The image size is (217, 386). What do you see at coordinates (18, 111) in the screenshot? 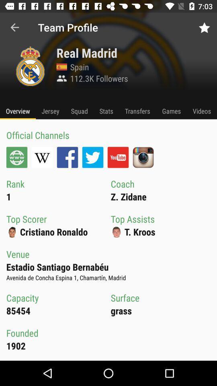
I see `the item above official channels icon` at bounding box center [18, 111].